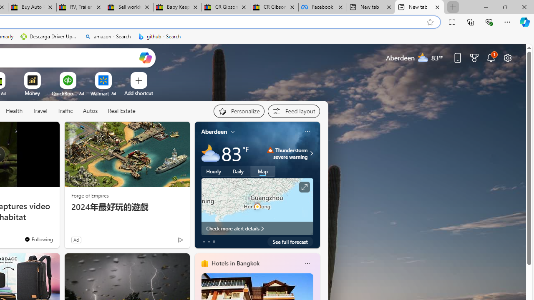  I want to click on 'See full forecast', so click(290, 241).